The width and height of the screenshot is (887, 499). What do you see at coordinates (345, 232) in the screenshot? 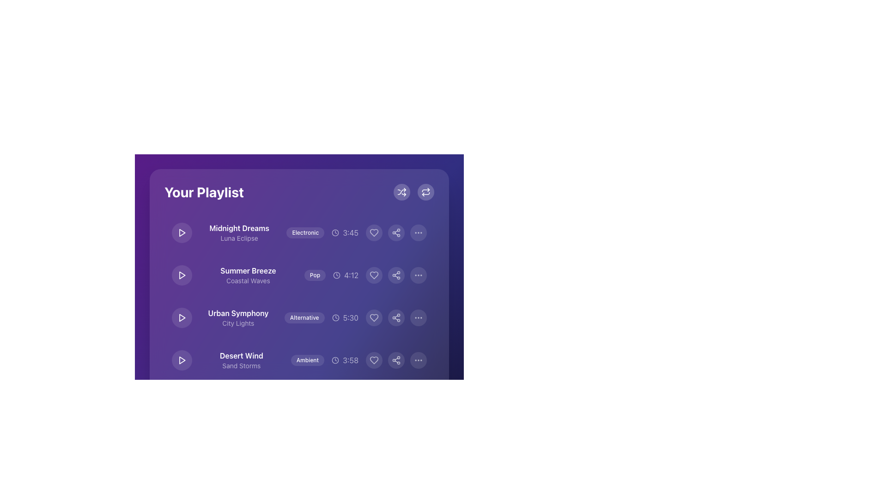
I see `the text element representing the duration of the first song in the playlist, located to the right of the genre tag ('Electronic')` at bounding box center [345, 232].